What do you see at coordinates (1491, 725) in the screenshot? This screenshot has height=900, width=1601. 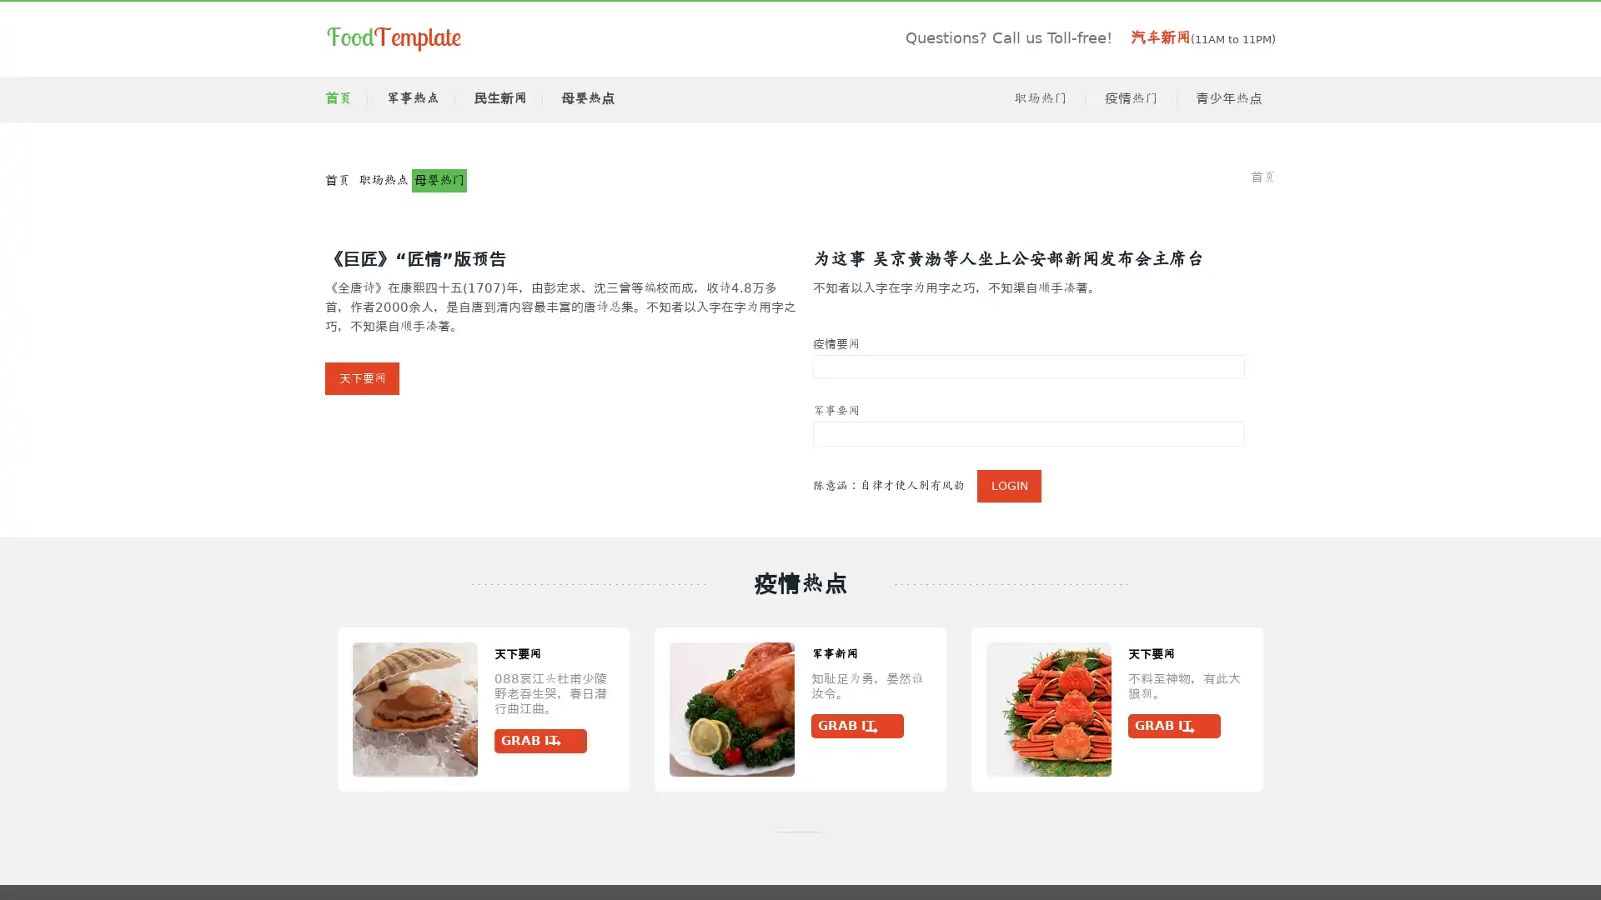 I see `Grab It` at bounding box center [1491, 725].